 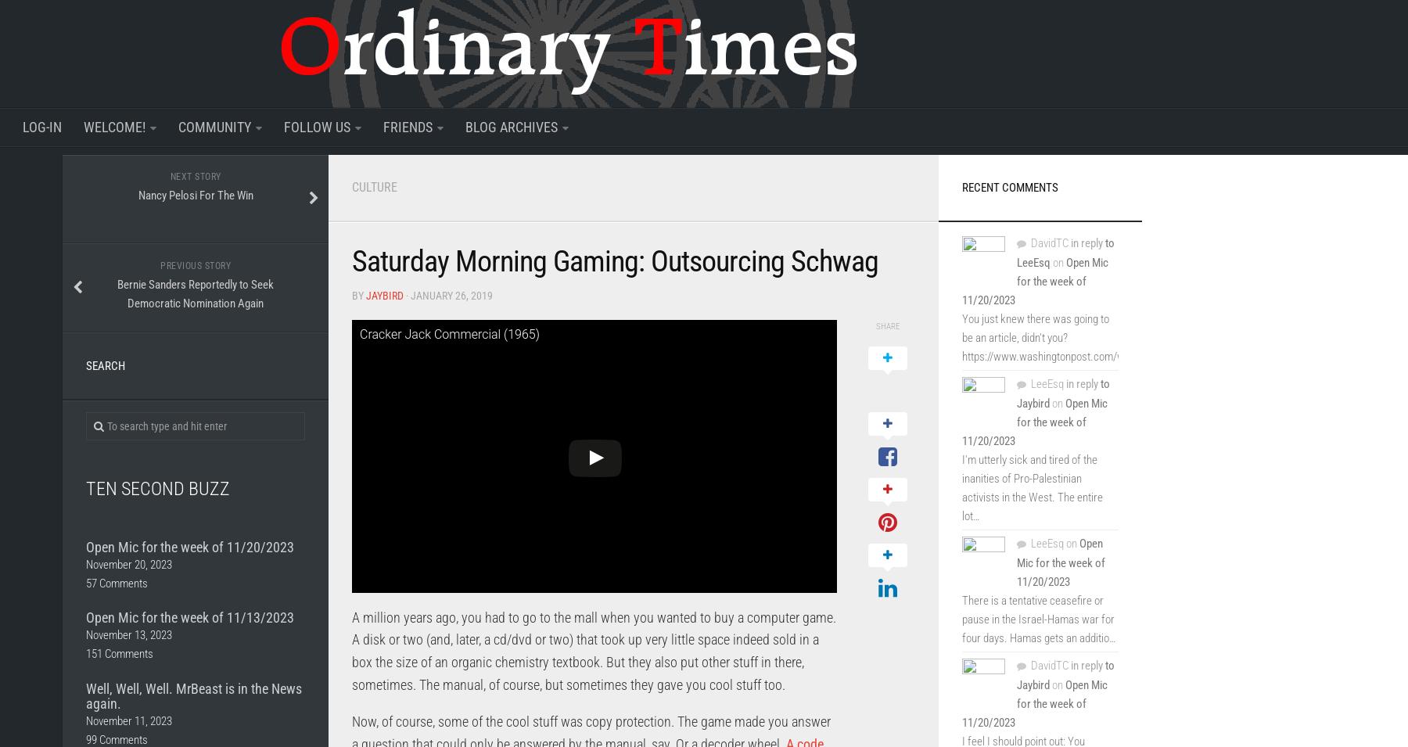 What do you see at coordinates (449, 332) in the screenshot?
I see `'Cracker Jack Commercial (1965)'` at bounding box center [449, 332].